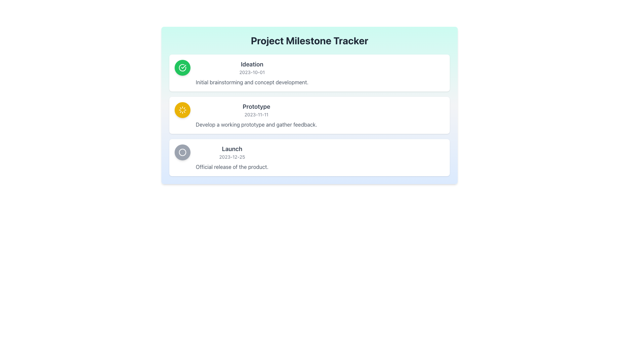 The image size is (635, 357). What do you see at coordinates (252, 64) in the screenshot?
I see `the bold, large-sized gray text label displaying 'Ideation', which serves as the title of the 'Ideation' card in the 'Project Milestone Tracker' list` at bounding box center [252, 64].